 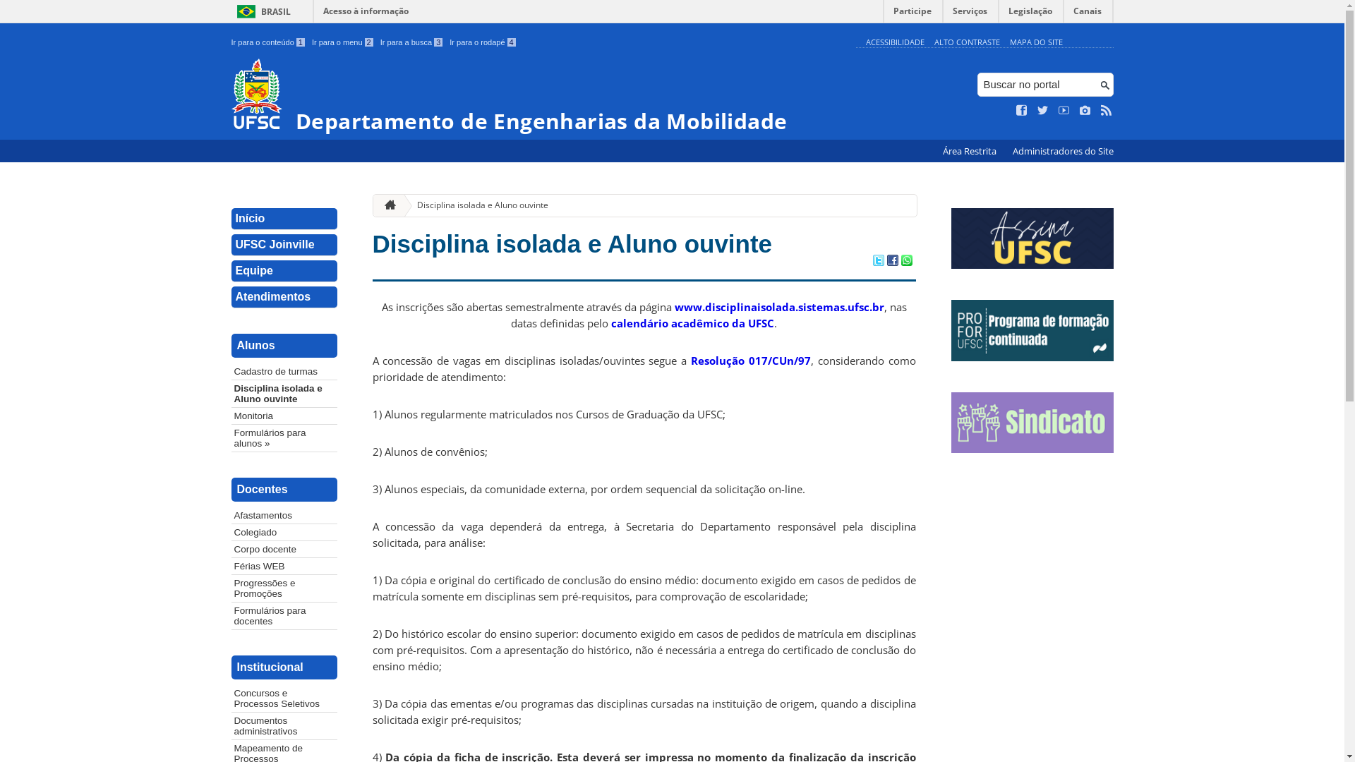 What do you see at coordinates (893, 41) in the screenshot?
I see `'ACESSIBILIDADE'` at bounding box center [893, 41].